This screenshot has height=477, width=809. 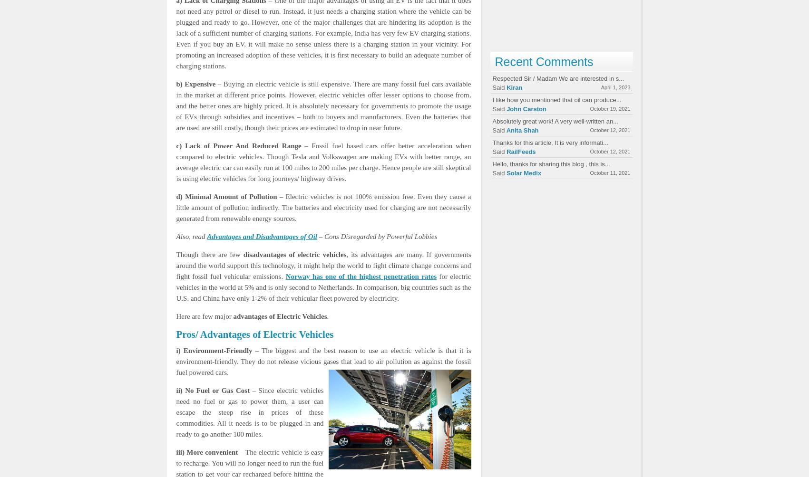 I want to click on 'I like how you mentioned that oil can produce...', so click(x=556, y=99).